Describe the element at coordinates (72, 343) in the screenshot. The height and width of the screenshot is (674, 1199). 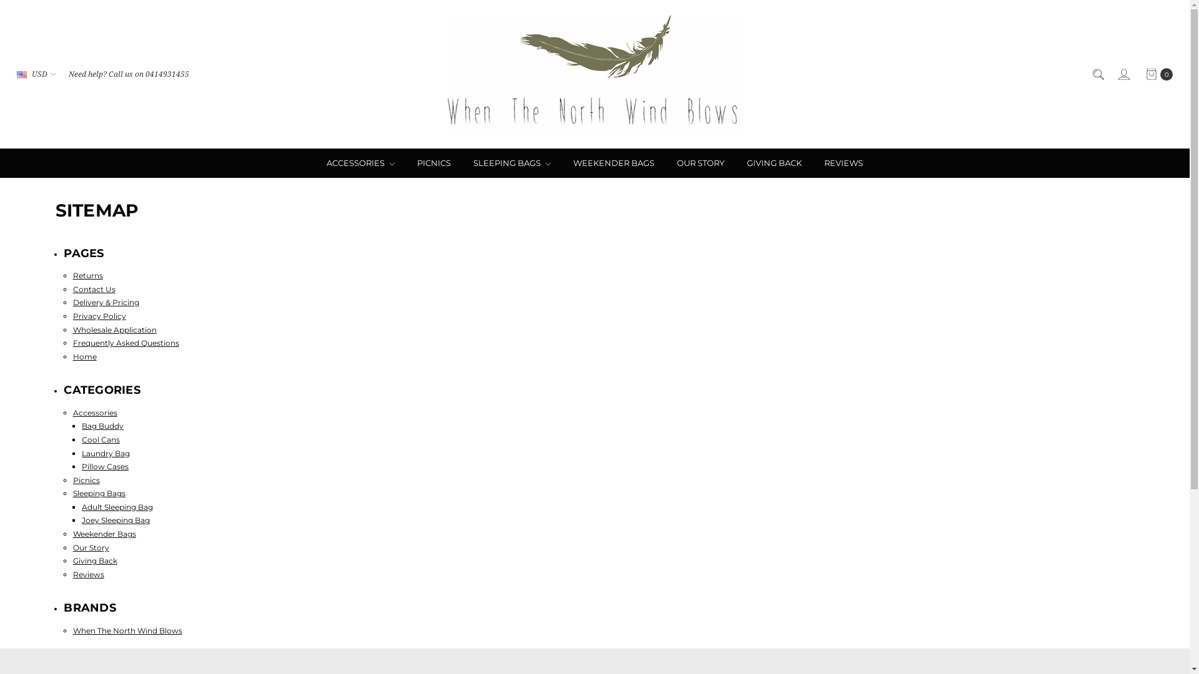
I see `'Frequently Asked Questions'` at that location.